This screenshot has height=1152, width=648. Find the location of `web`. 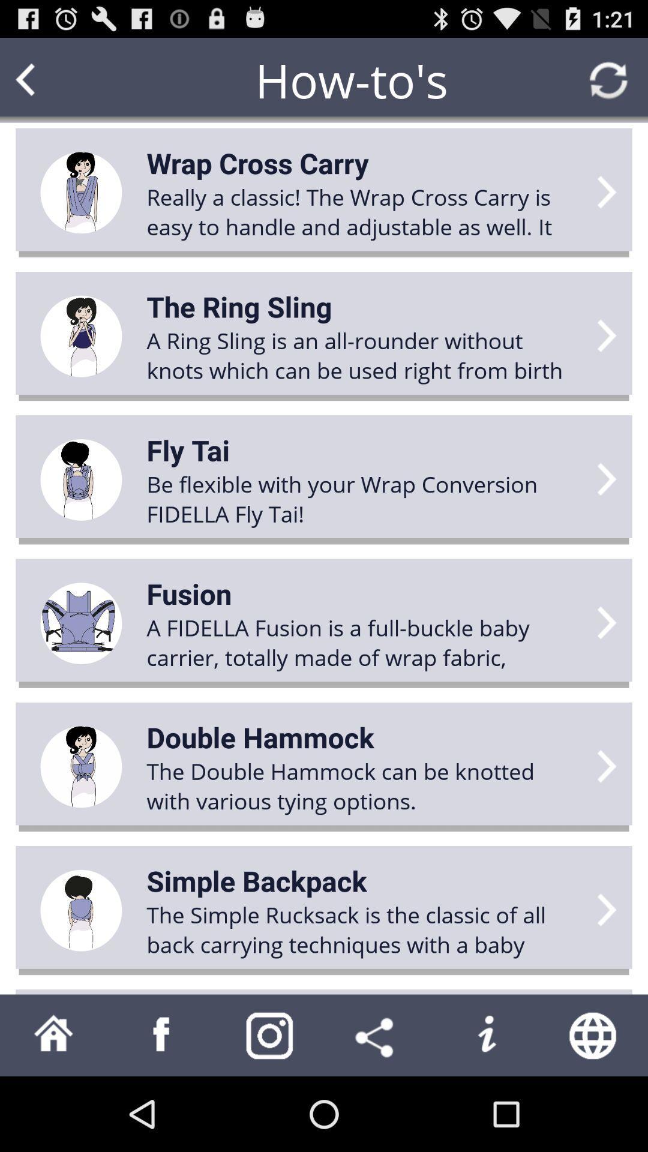

web is located at coordinates (594, 1034).